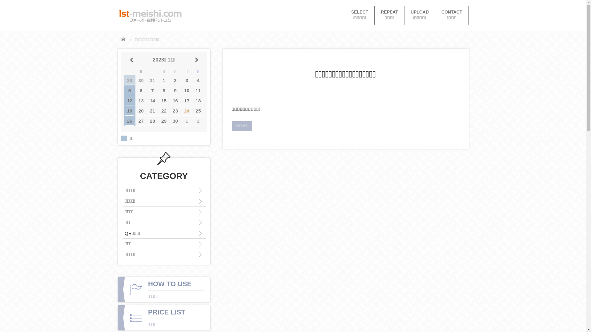  What do you see at coordinates (150, 15) in the screenshot?
I see `'1st-meishi.com'` at bounding box center [150, 15].